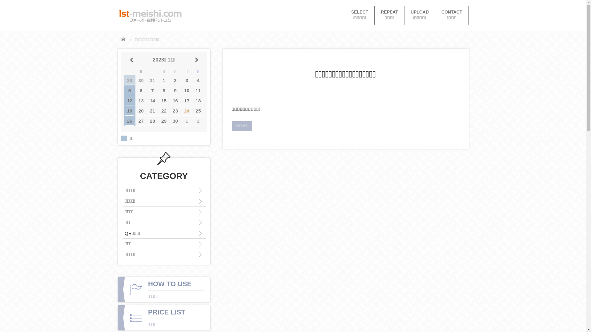  What do you see at coordinates (150, 15) in the screenshot?
I see `'1st-meishi.com'` at bounding box center [150, 15].